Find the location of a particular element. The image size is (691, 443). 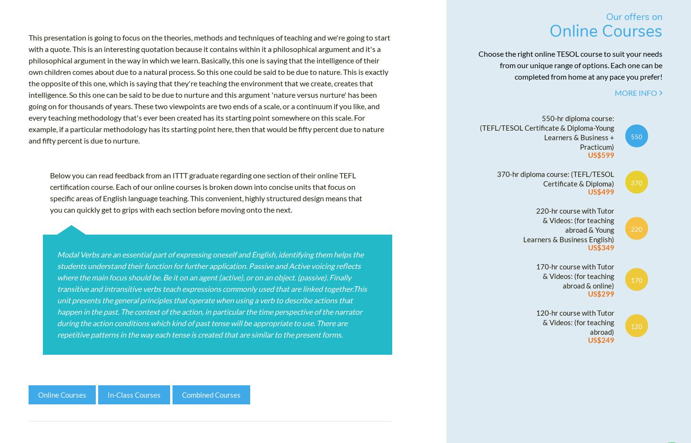

'US$249' is located at coordinates (600, 343).